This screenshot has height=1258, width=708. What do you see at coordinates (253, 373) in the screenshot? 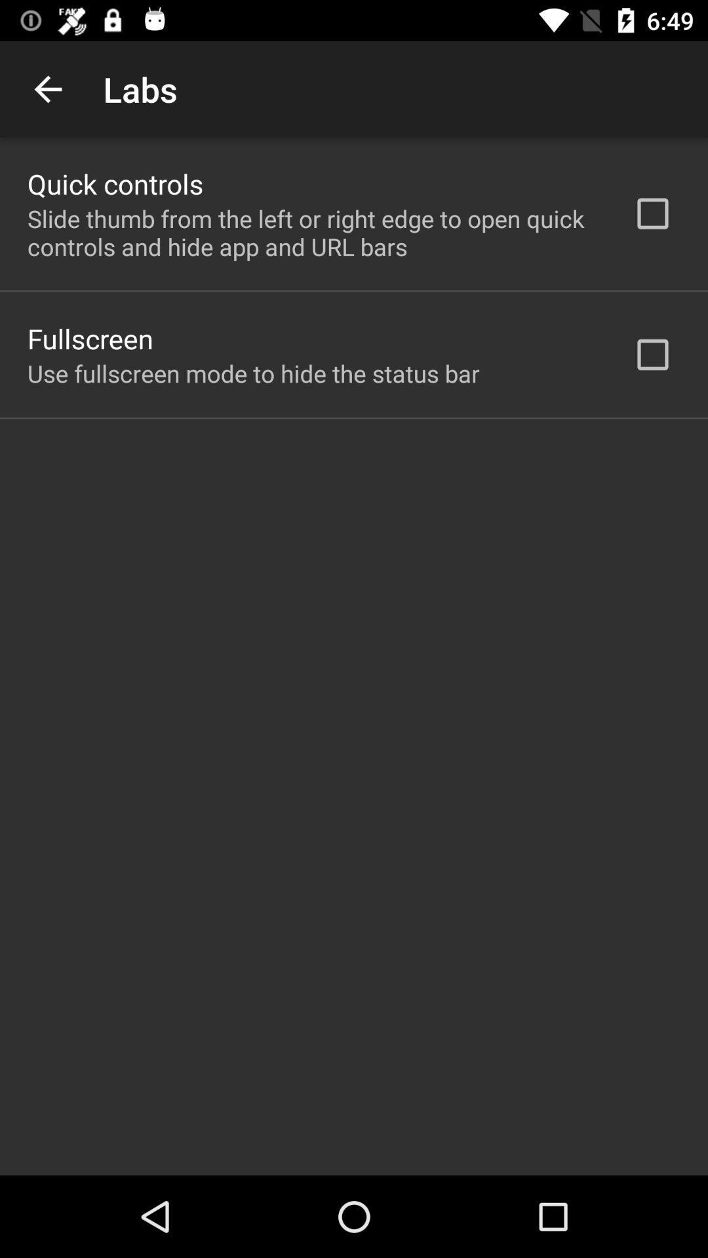
I see `use fullscreen mode app` at bounding box center [253, 373].